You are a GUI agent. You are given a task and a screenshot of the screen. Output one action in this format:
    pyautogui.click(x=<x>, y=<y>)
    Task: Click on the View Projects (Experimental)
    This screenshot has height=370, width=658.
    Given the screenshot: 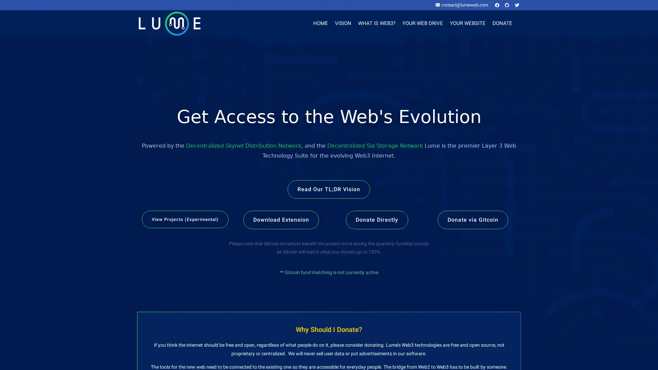 What is the action you would take?
    pyautogui.click(x=185, y=219)
    